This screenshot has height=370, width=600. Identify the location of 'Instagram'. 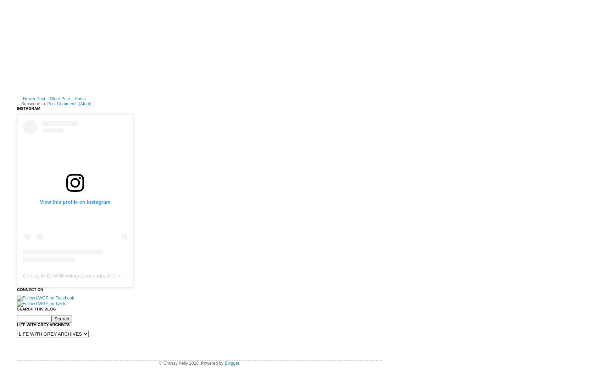
(28, 107).